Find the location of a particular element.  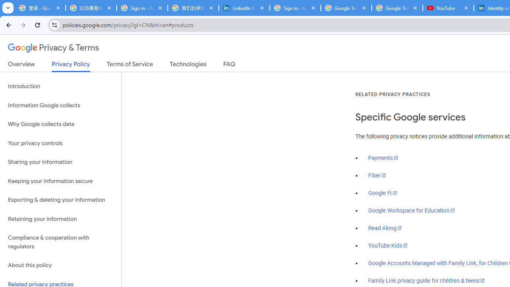

'Google Workspace for Education' is located at coordinates (411, 210).